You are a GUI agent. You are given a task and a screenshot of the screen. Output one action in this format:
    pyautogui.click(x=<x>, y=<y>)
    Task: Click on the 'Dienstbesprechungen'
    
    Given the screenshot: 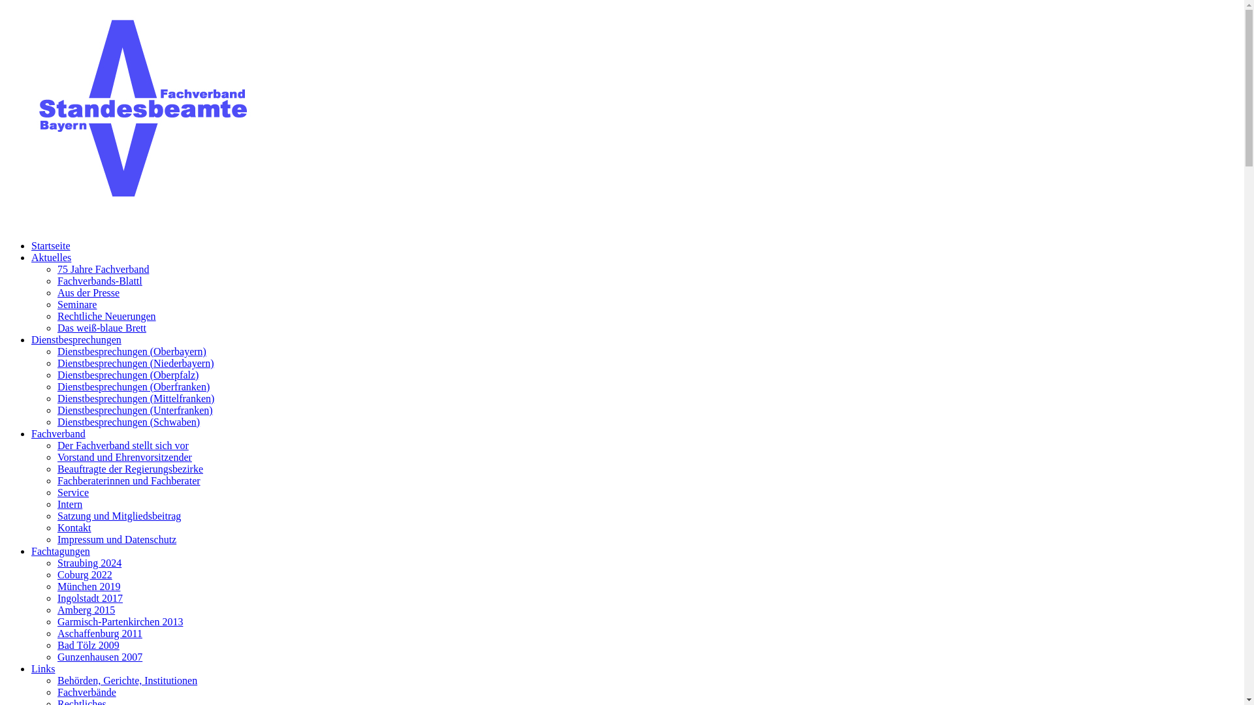 What is the action you would take?
    pyautogui.click(x=31, y=339)
    